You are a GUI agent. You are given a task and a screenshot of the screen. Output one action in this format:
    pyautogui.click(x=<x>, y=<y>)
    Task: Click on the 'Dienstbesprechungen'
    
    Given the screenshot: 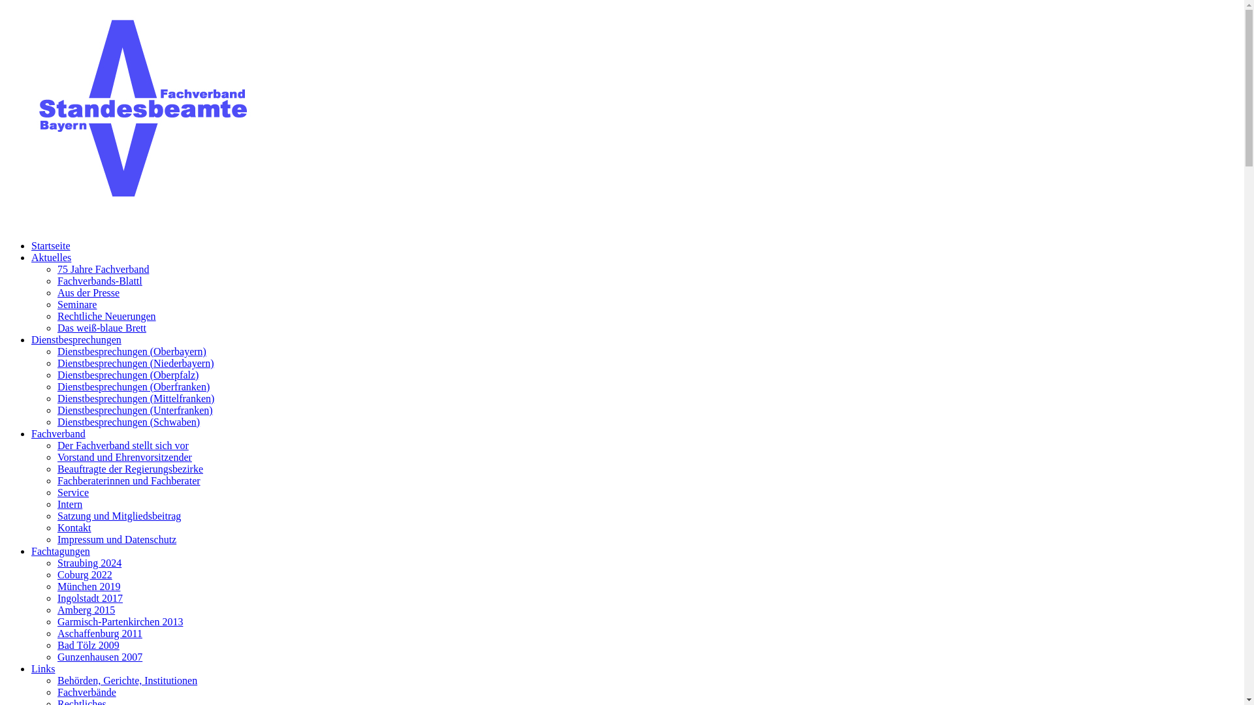 What is the action you would take?
    pyautogui.click(x=31, y=339)
    